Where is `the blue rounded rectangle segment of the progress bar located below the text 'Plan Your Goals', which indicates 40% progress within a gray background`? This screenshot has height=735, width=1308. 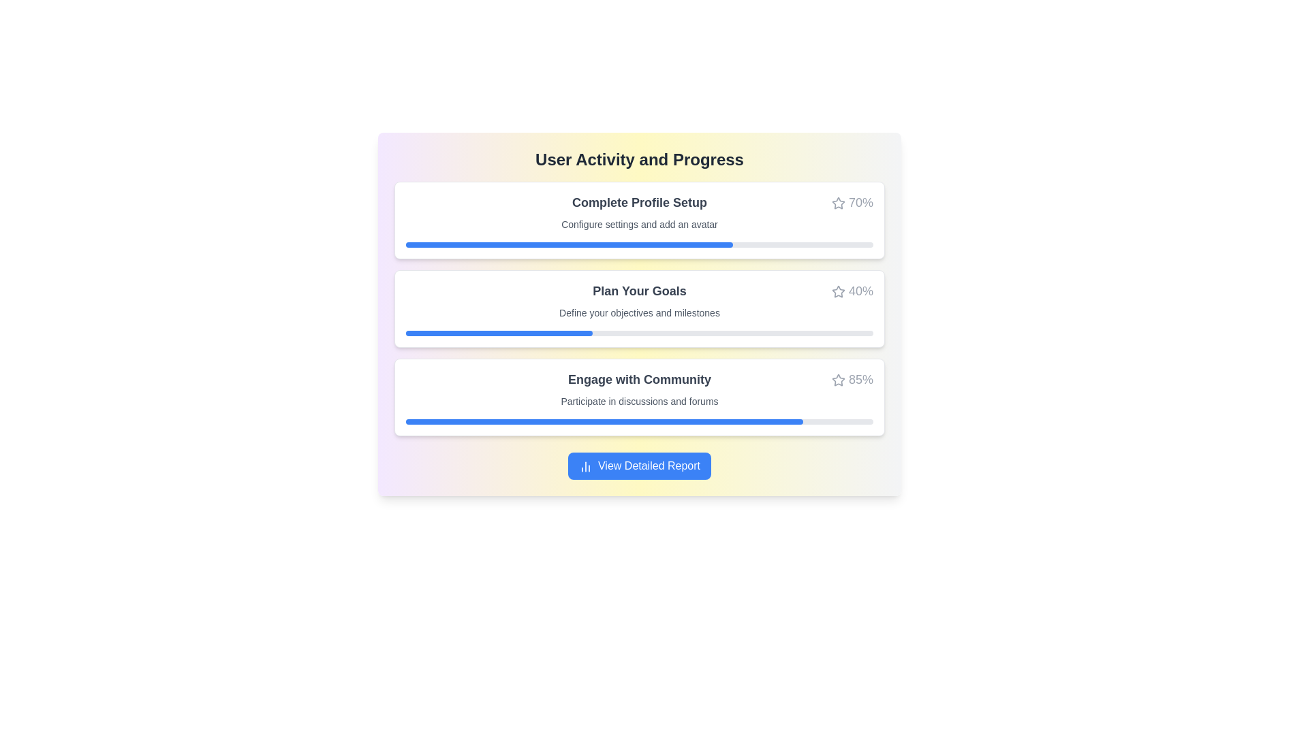 the blue rounded rectangle segment of the progress bar located below the text 'Plan Your Goals', which indicates 40% progress within a gray background is located at coordinates (499, 333).